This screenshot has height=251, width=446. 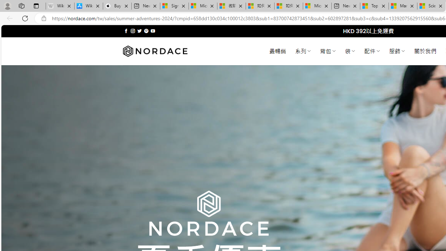 I want to click on 'Follow on Pinterest', so click(x=146, y=31).